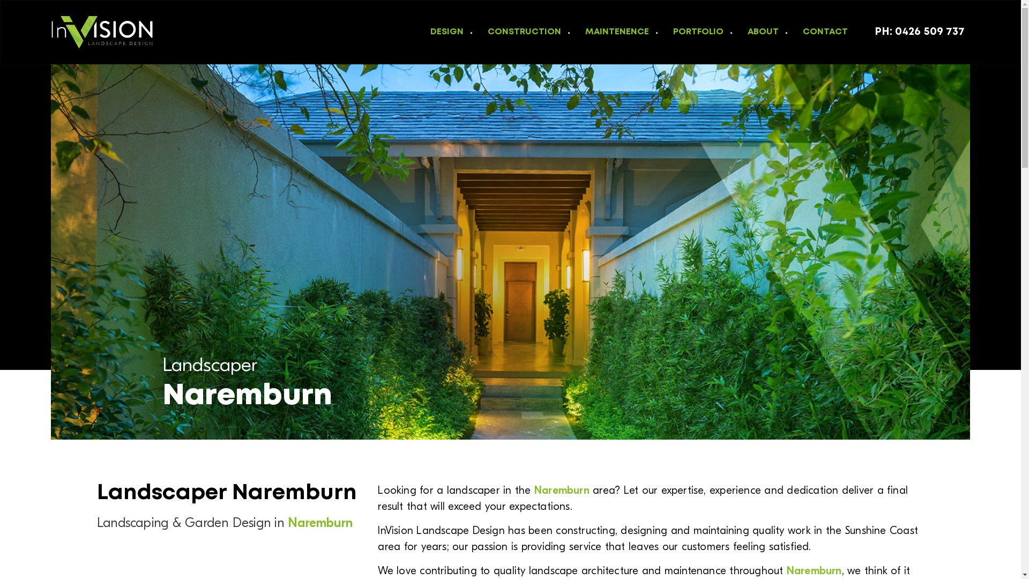 This screenshot has width=1029, height=579. What do you see at coordinates (758, 31) in the screenshot?
I see `'ABOUT'` at bounding box center [758, 31].